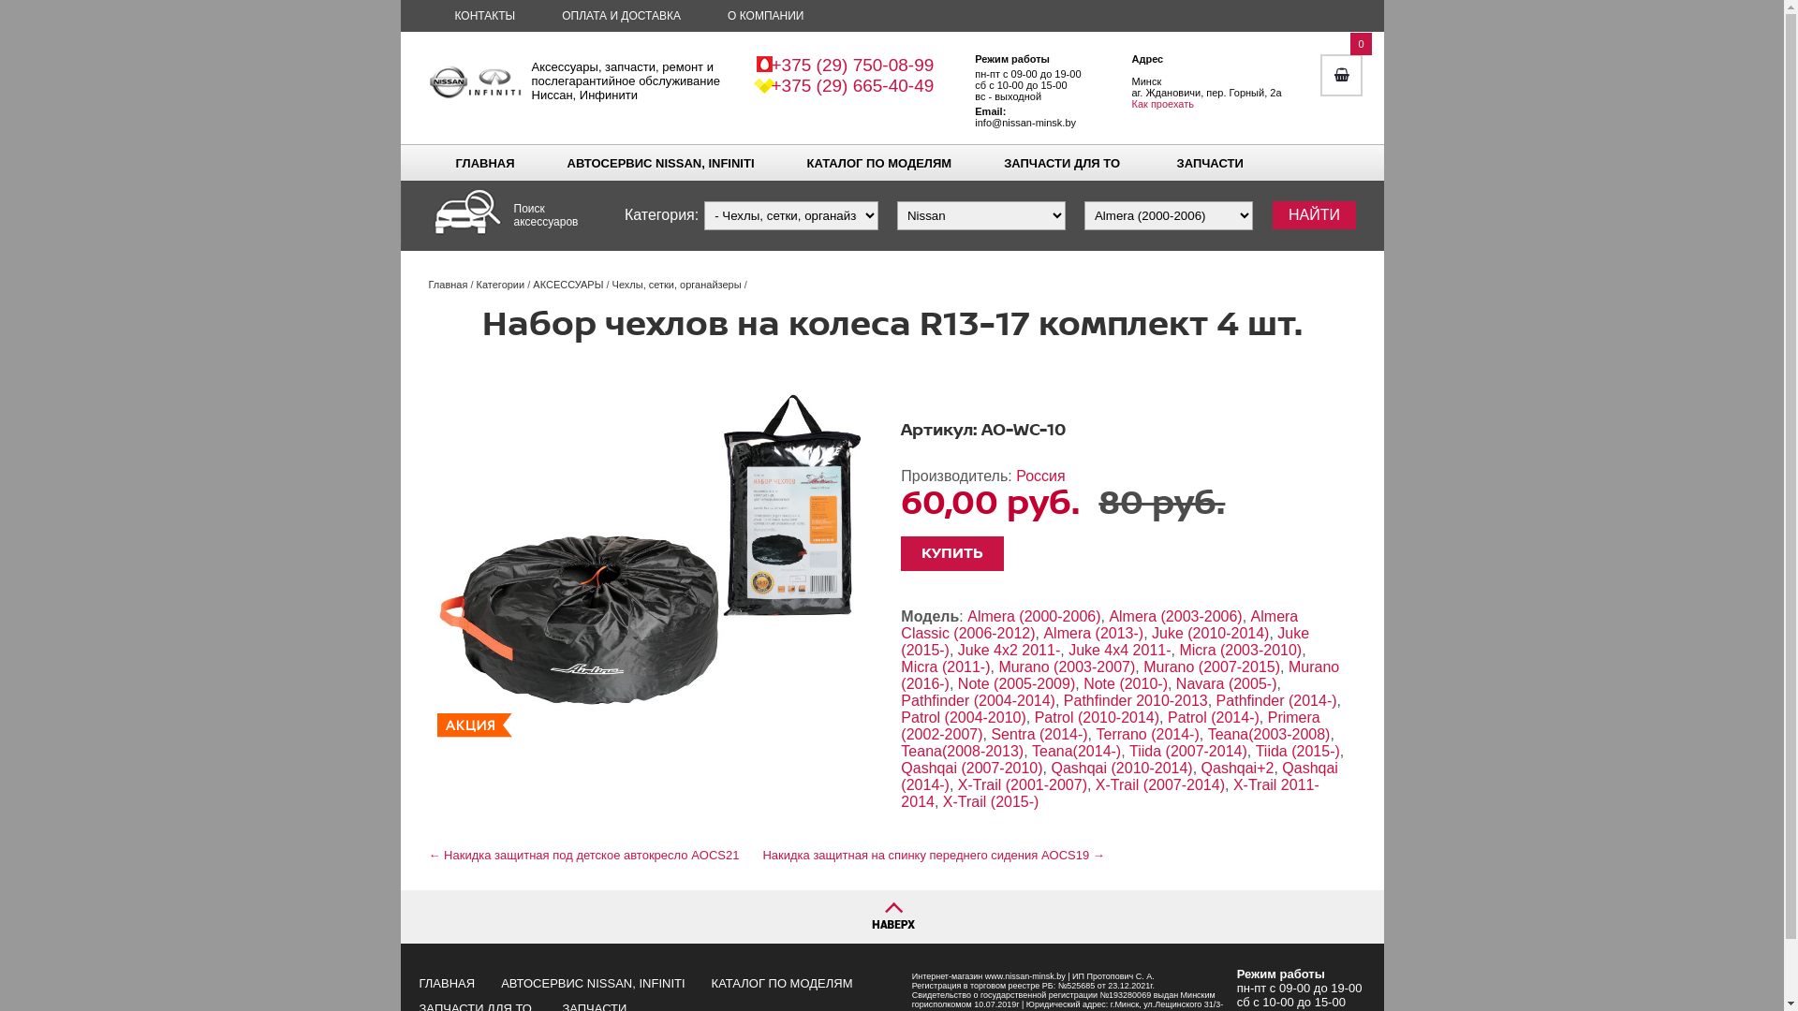 The image size is (1798, 1011). Describe the element at coordinates (1099, 624) in the screenshot. I see `'Almera Classic (2006-2012)'` at that location.